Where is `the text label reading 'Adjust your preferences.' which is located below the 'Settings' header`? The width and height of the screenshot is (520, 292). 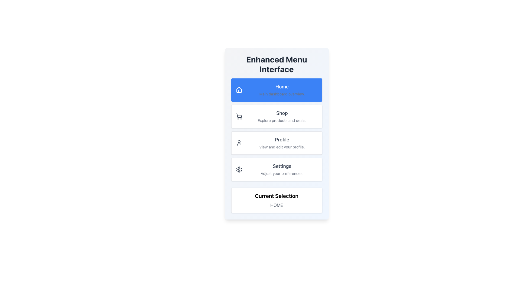 the text label reading 'Adjust your preferences.' which is located below the 'Settings' header is located at coordinates (282, 173).